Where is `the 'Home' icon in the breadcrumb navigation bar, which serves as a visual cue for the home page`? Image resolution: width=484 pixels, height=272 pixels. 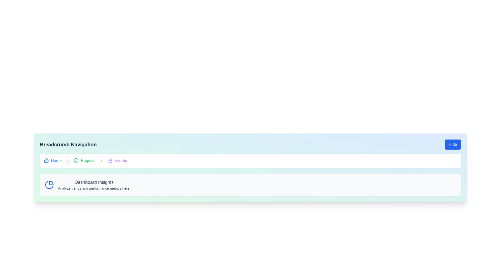
the 'Home' icon in the breadcrumb navigation bar, which serves as a visual cue for the home page is located at coordinates (46, 160).